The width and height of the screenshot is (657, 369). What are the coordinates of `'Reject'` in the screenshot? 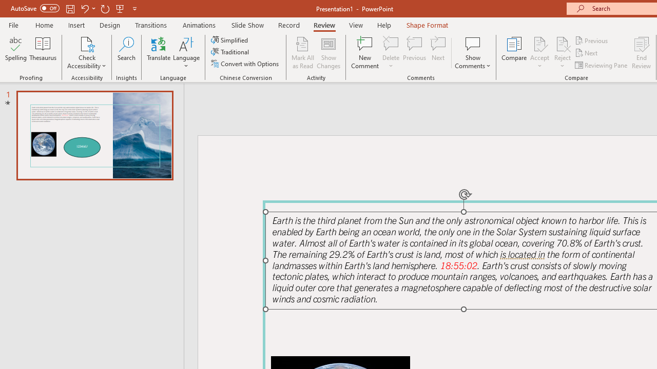 It's located at (562, 53).